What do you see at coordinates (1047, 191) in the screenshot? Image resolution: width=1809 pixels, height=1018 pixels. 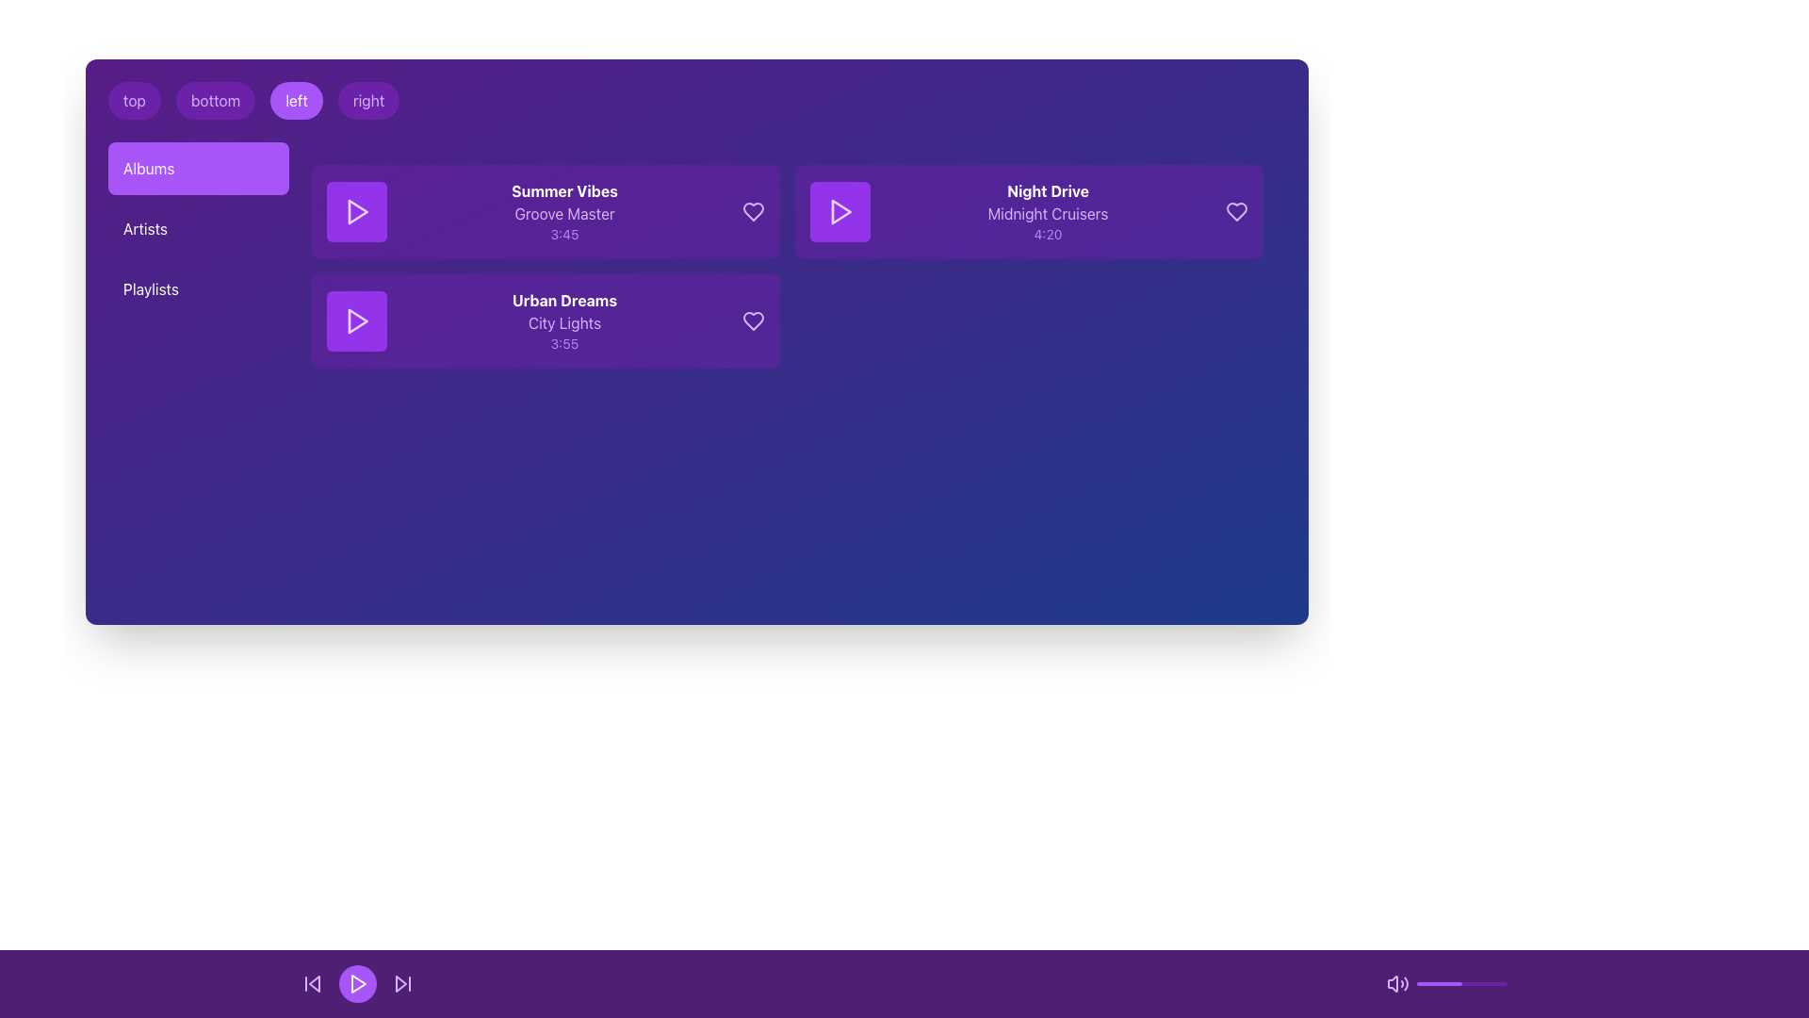 I see `the text label representing the title of a song or audio track, located at the top of the group in the 'Albums' section, positioned in the right-aligned column of list items` at bounding box center [1047, 191].